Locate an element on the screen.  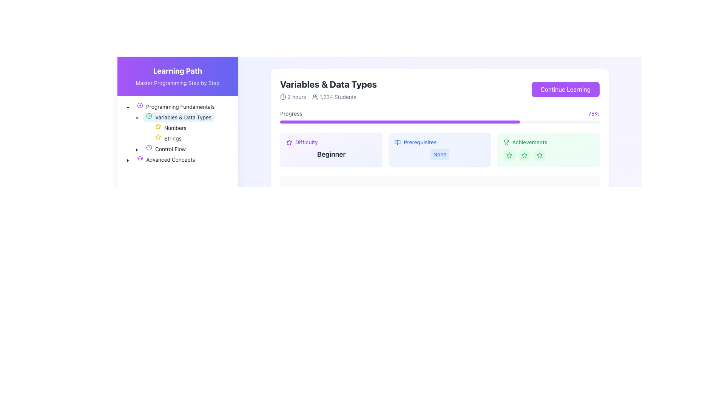
the 'Advanced Concepts' tree node item is located at coordinates (165, 159).